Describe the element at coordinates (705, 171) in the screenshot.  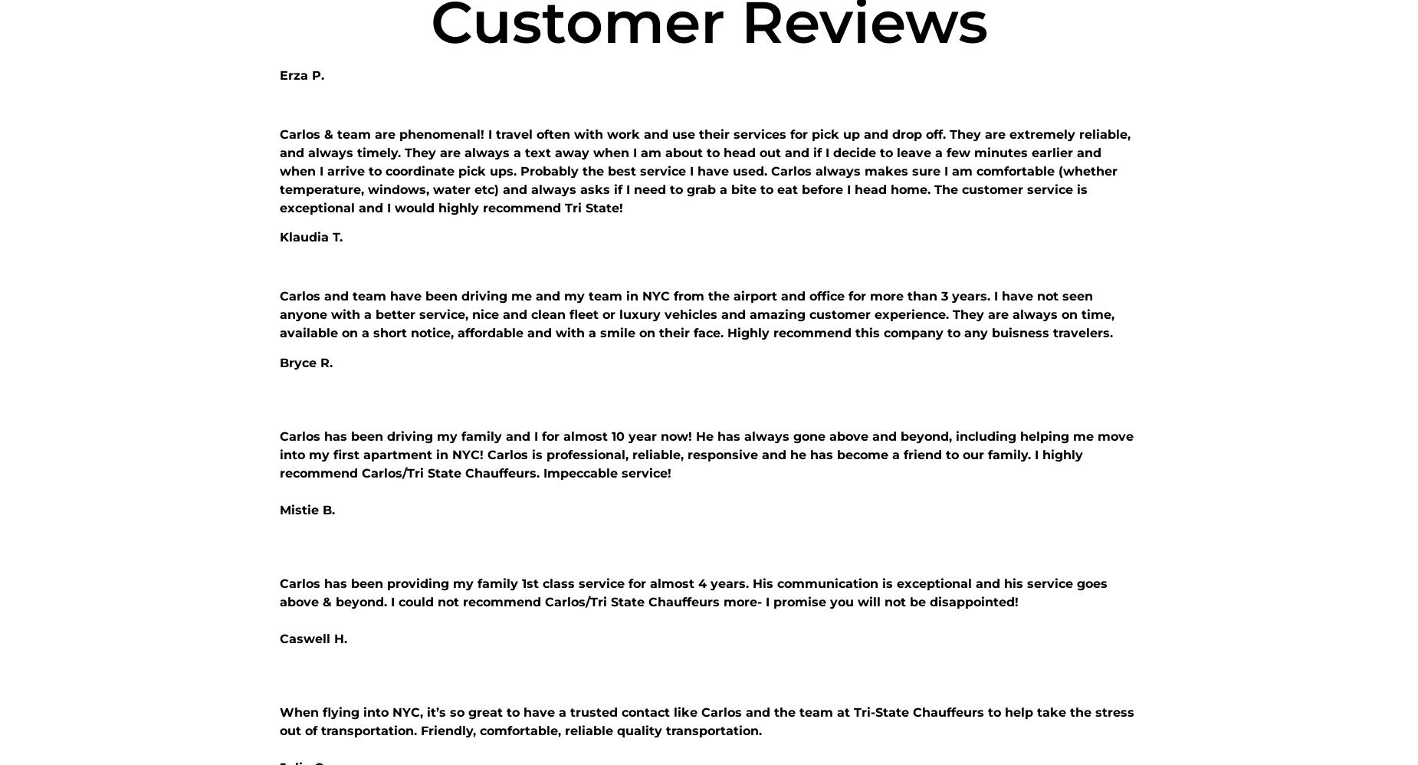
I see `'Carlos & team are phenomenal! I travel often with work and use their services for pick up and drop off. They are extremely reliable, and always timely. They are always a text away when I am about to head out and if I decide to leave a few minutes earlier and when I arrive to coordinate pick ups. Probably the best service I have used. Carlos always makes sure I am comfortable (whether temperature, windows, water etc) and always asks if I need to grab a bite to eat before I head home. The customer service is exceptional and I would highly recommend Tri State!'` at that location.